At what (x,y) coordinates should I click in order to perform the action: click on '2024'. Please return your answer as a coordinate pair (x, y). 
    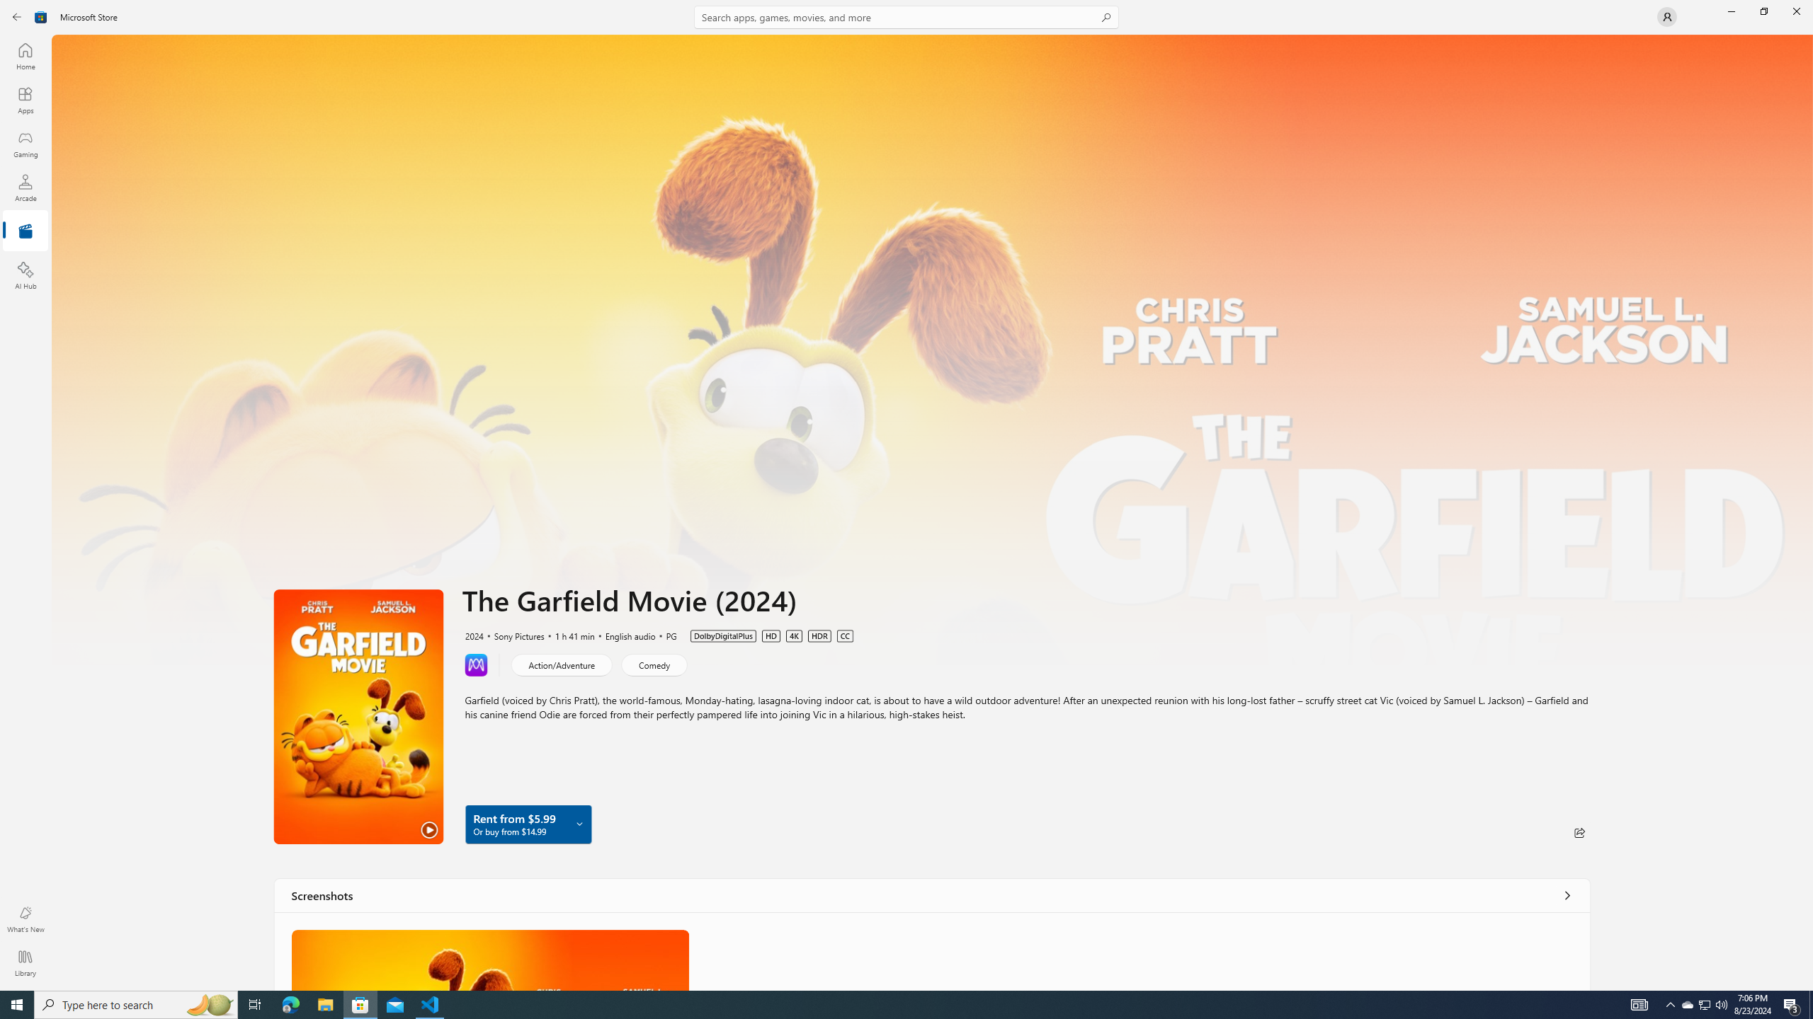
    Looking at the image, I should click on (473, 635).